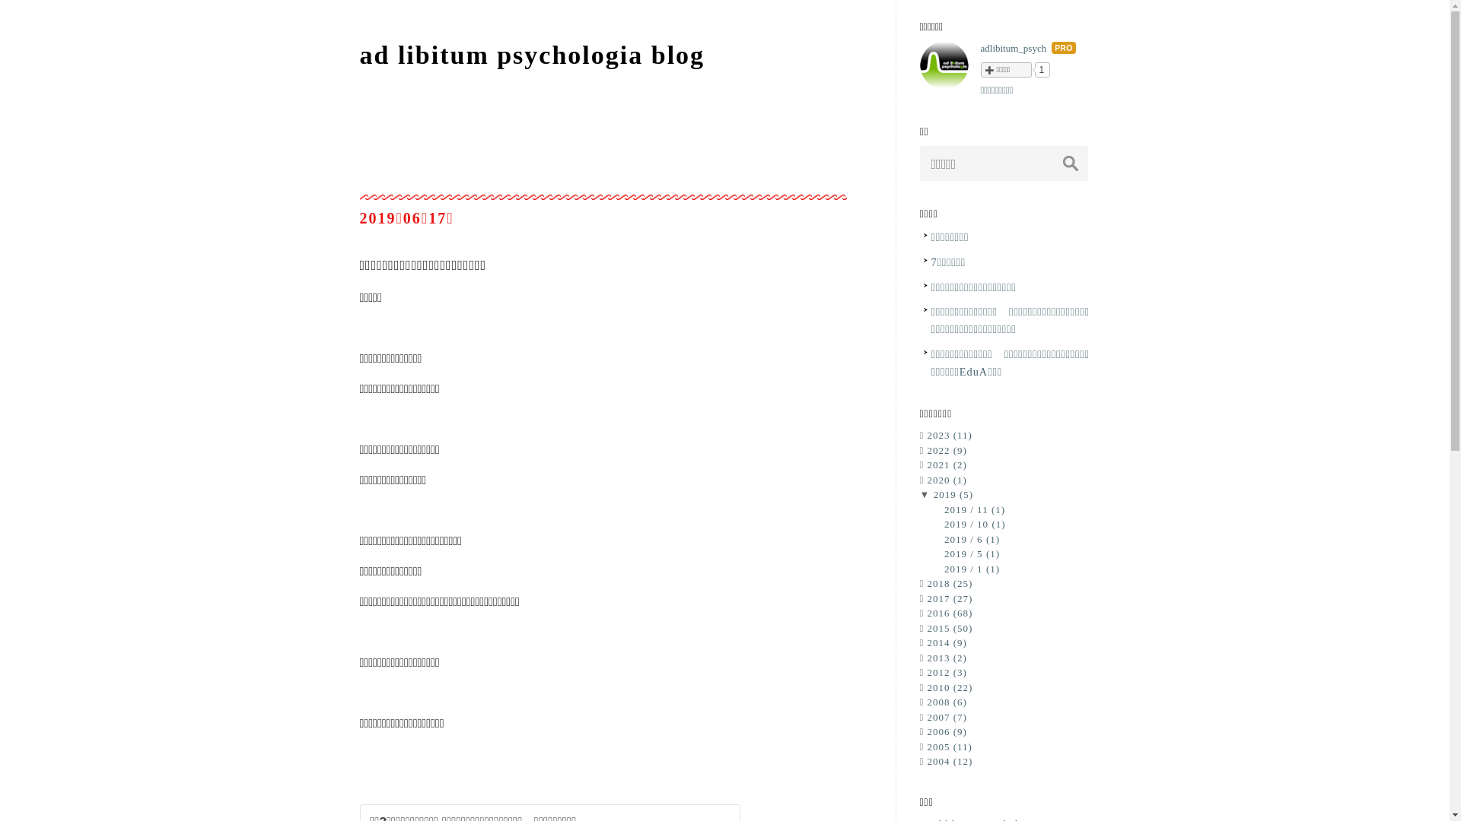 This screenshot has width=1461, height=821. Describe the element at coordinates (945, 717) in the screenshot. I see `'2007 (7)'` at that location.